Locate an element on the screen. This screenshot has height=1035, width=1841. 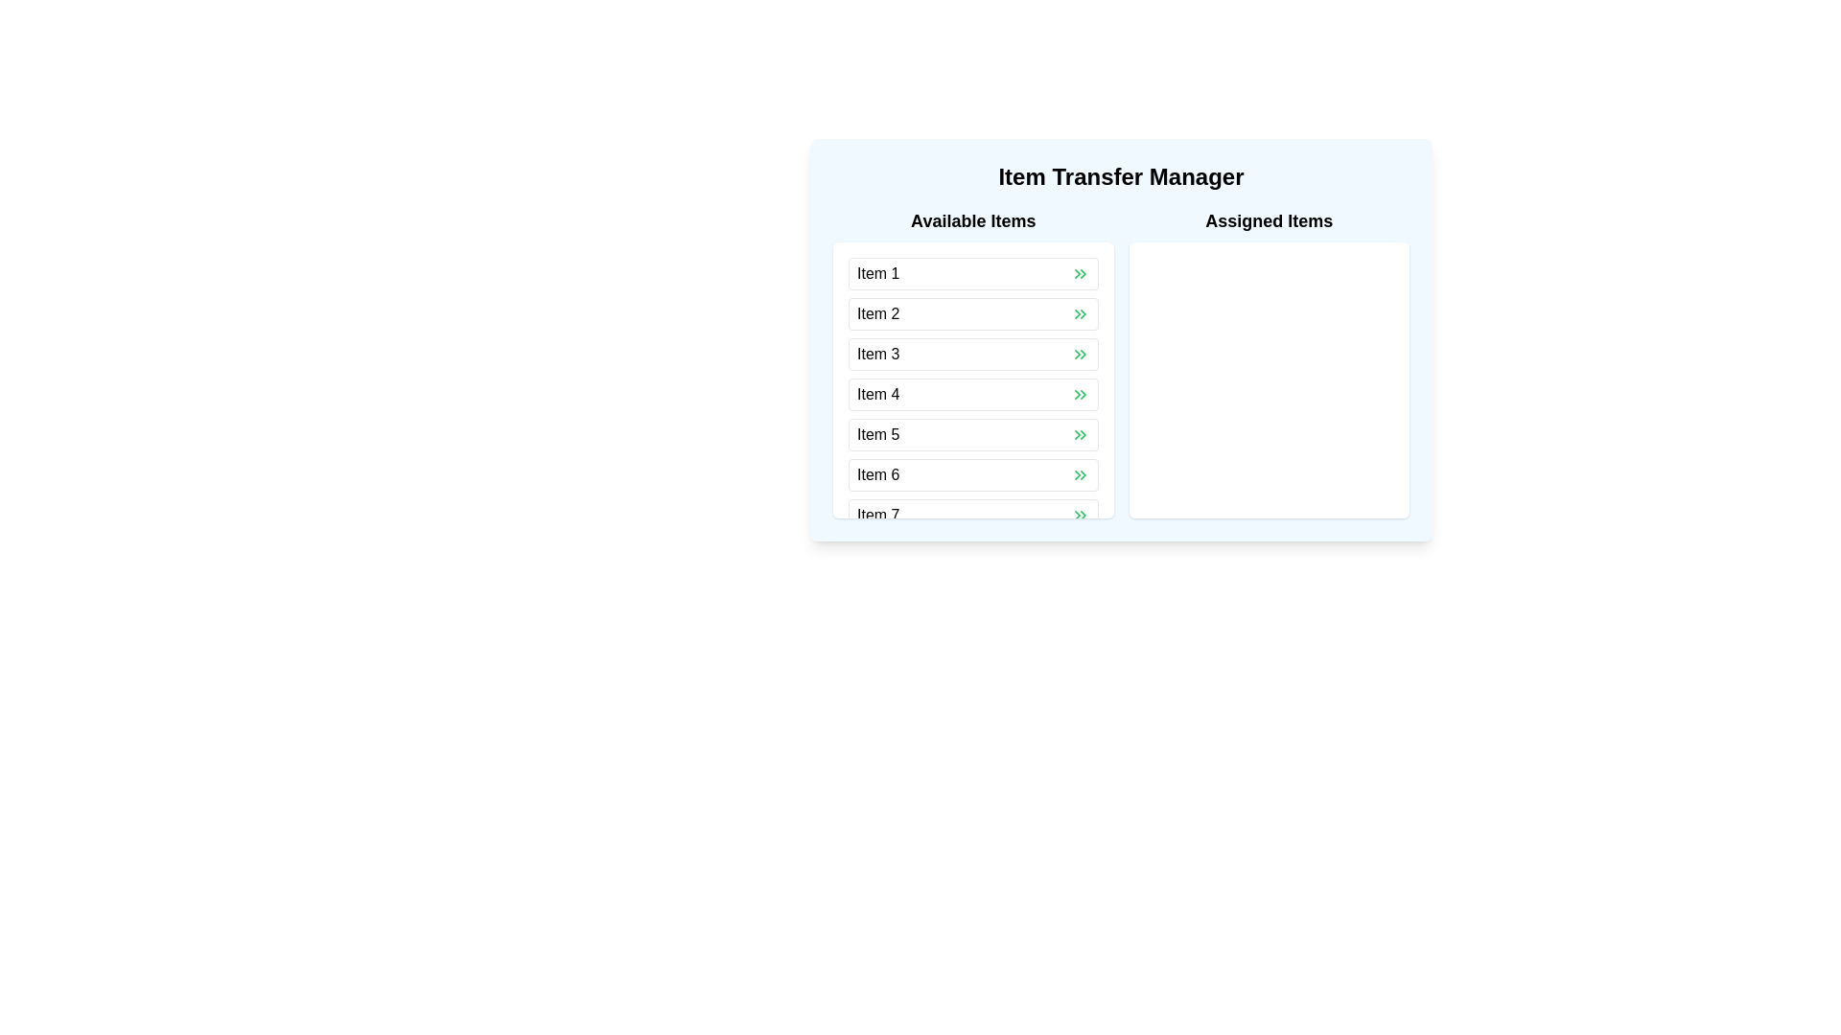
the sixth item in the 'Available Items' list to focus it is located at coordinates (973, 474).